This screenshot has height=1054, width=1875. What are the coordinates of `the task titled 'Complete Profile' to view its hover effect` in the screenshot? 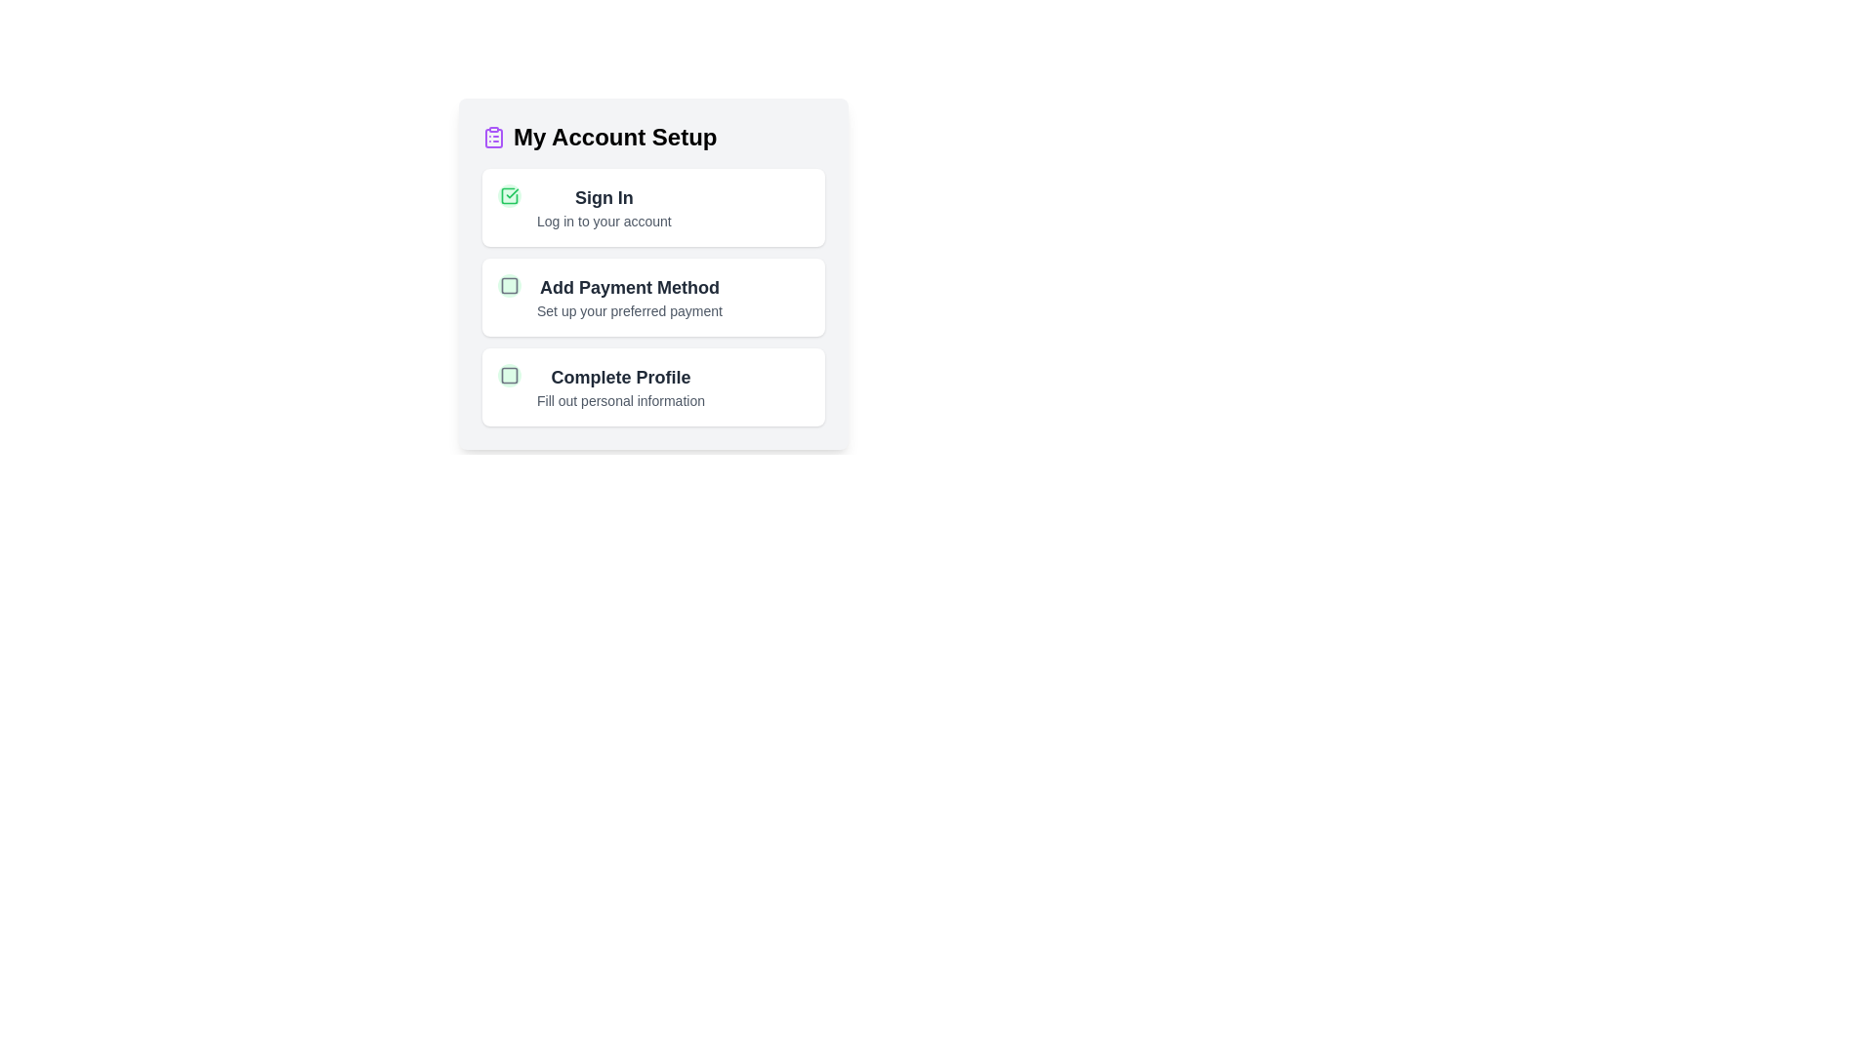 It's located at (653, 387).